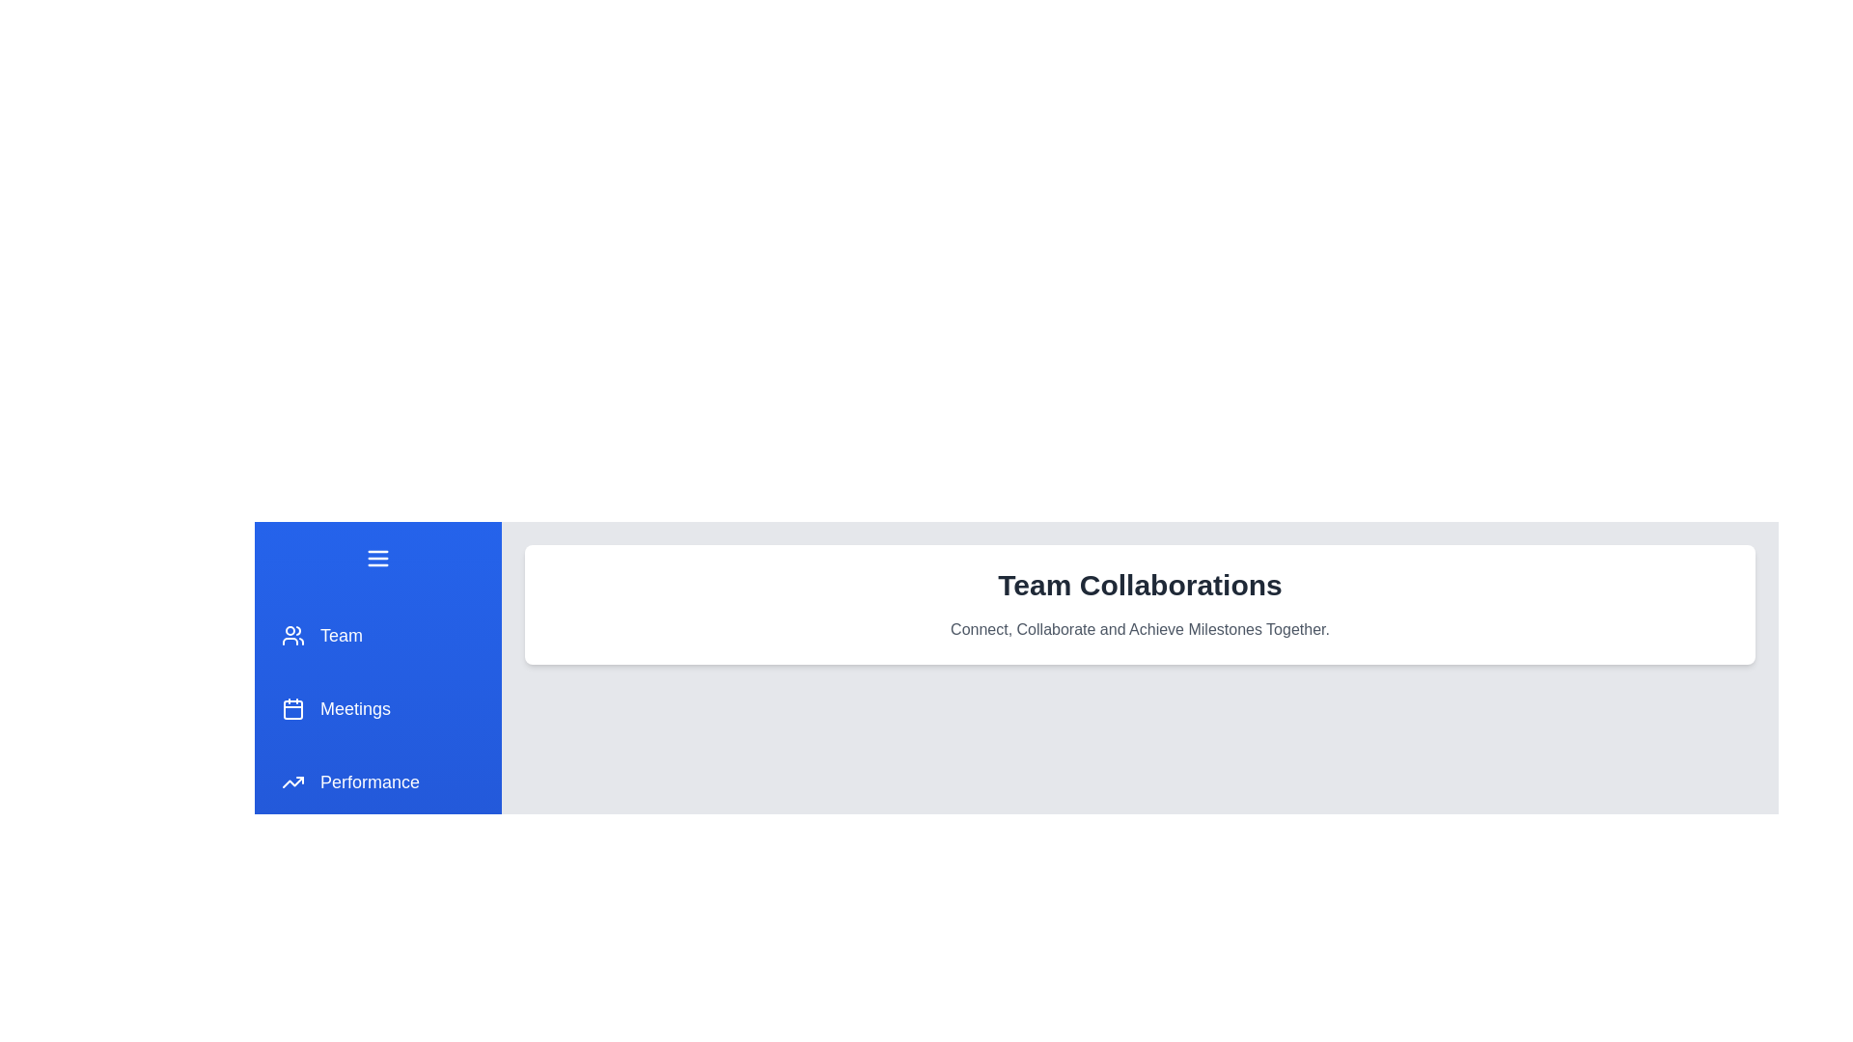  I want to click on the menu item Meetings from the drawer, so click(378, 709).